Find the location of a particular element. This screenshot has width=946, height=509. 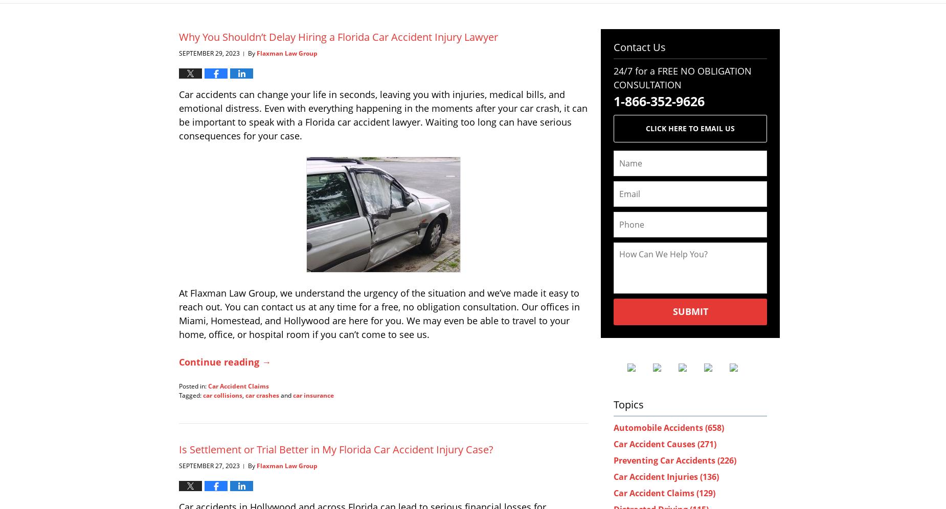

'(136)' is located at coordinates (709, 476).